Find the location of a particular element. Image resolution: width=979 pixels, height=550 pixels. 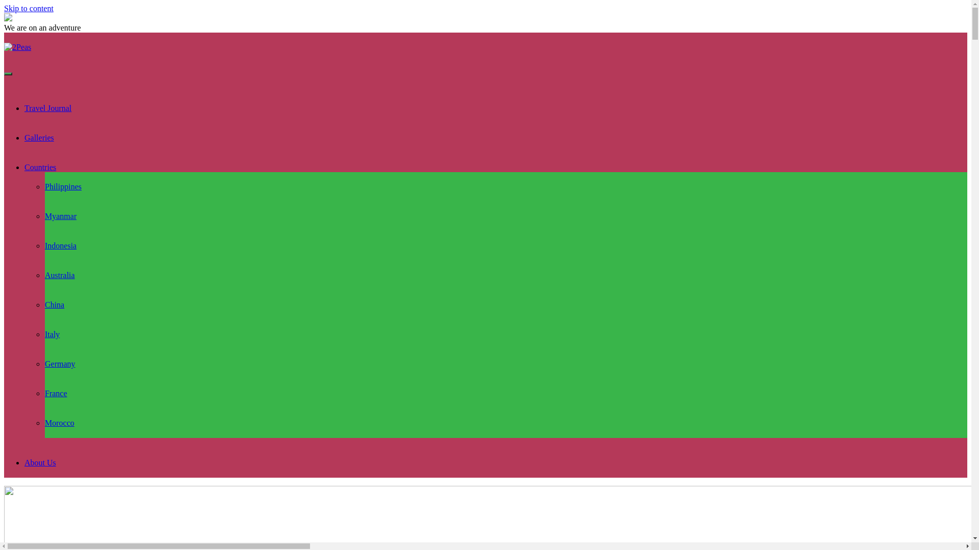

'Myanmar' is located at coordinates (60, 215).